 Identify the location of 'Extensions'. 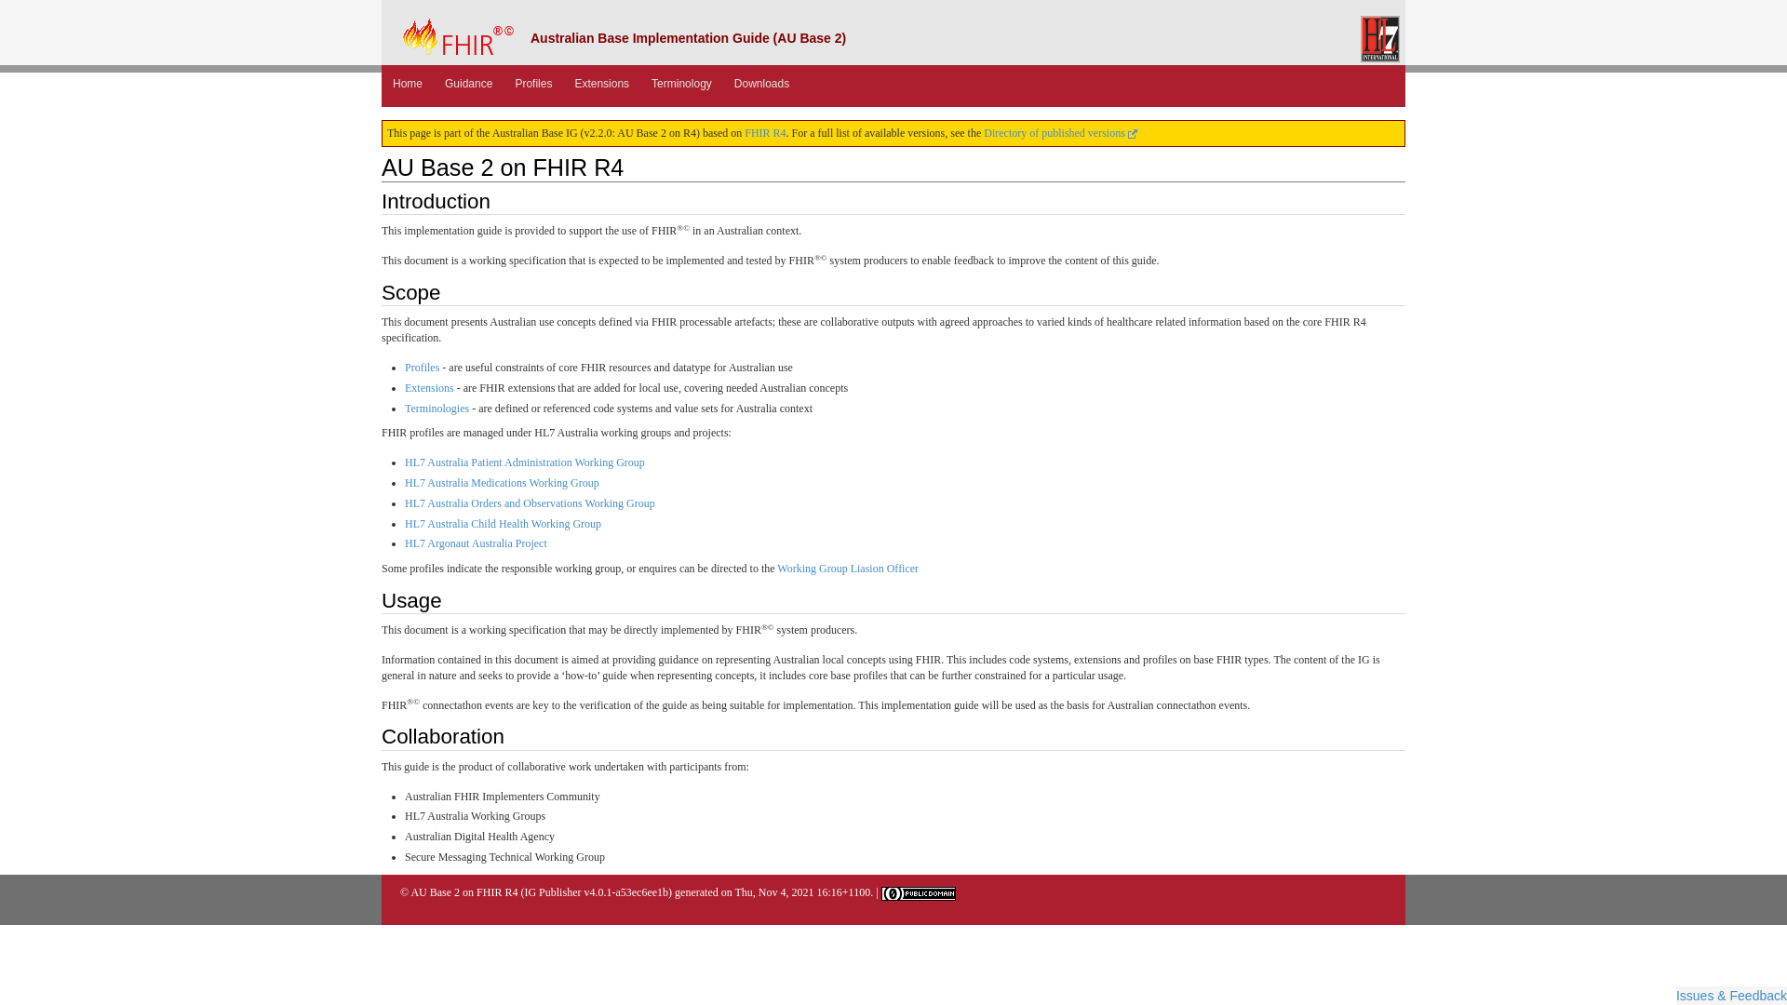
(428, 386).